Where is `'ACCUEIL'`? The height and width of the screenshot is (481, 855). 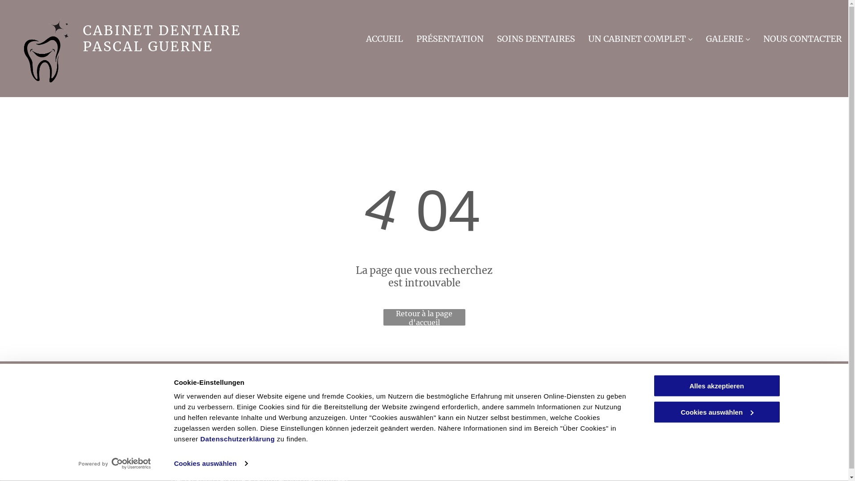
'ACCUEIL' is located at coordinates (384, 37).